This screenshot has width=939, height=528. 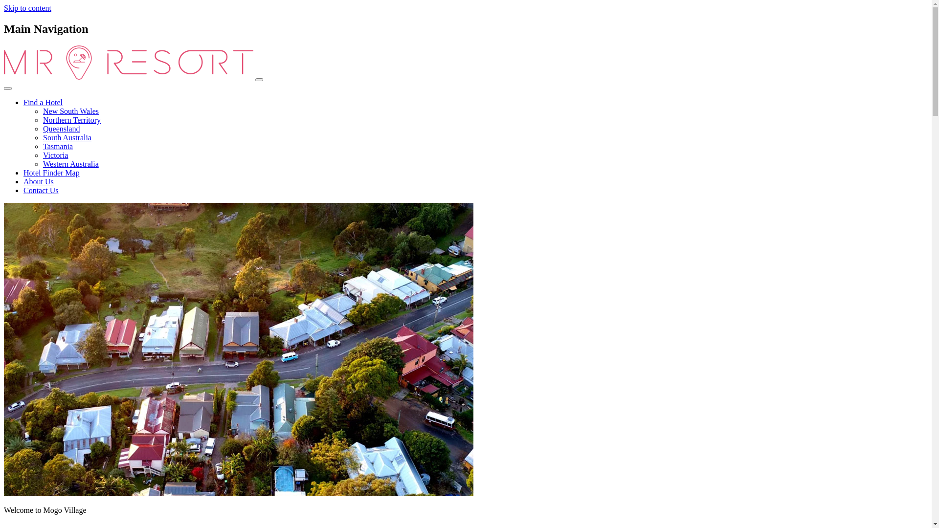 What do you see at coordinates (38, 181) in the screenshot?
I see `'About Us'` at bounding box center [38, 181].